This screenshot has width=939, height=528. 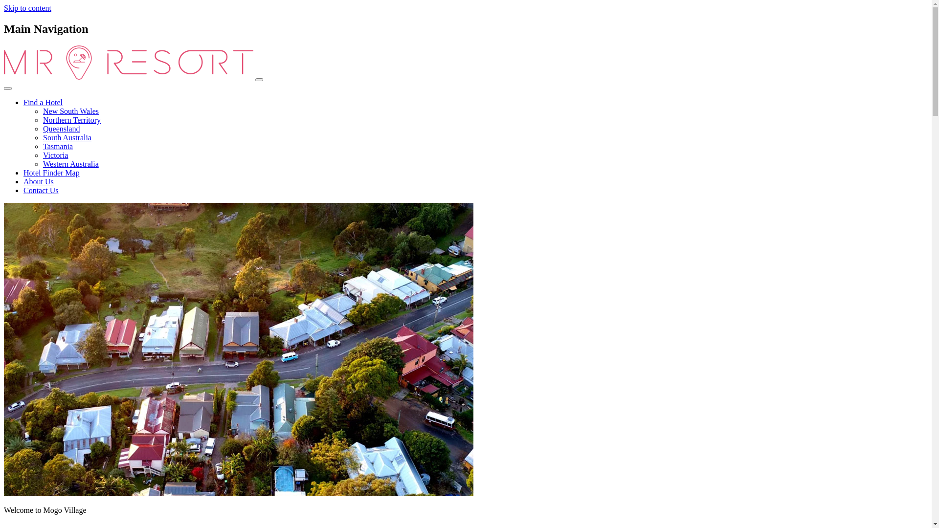 What do you see at coordinates (38, 181) in the screenshot?
I see `'About Us'` at bounding box center [38, 181].